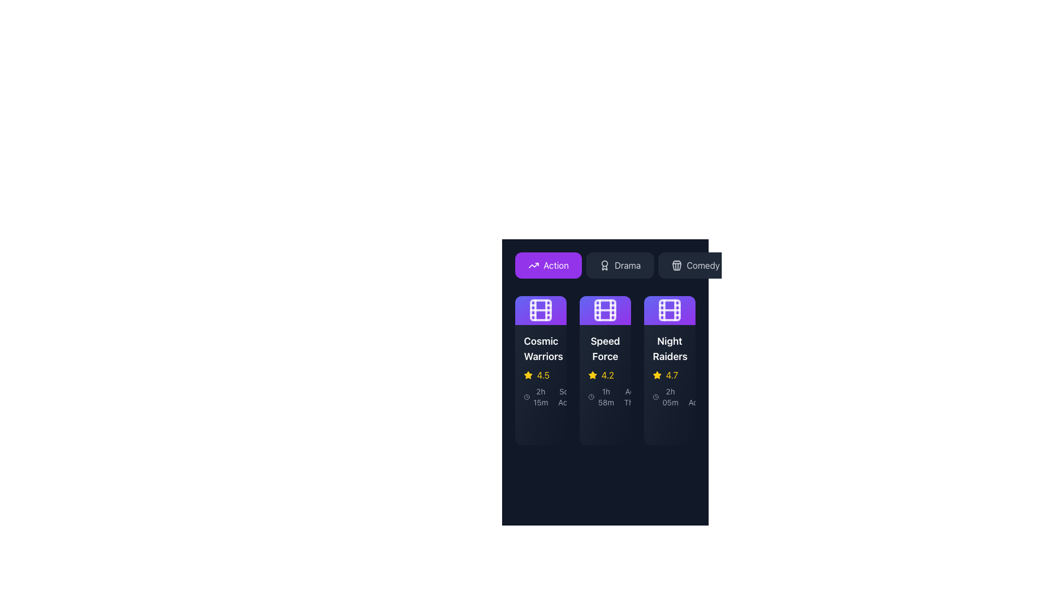 The image size is (1049, 590). What do you see at coordinates (669, 310) in the screenshot?
I see `the decorative icon representing the movie 'Night Raiders' which is the third card in the horizontal sequence of movie cards under the 'Action' category` at bounding box center [669, 310].